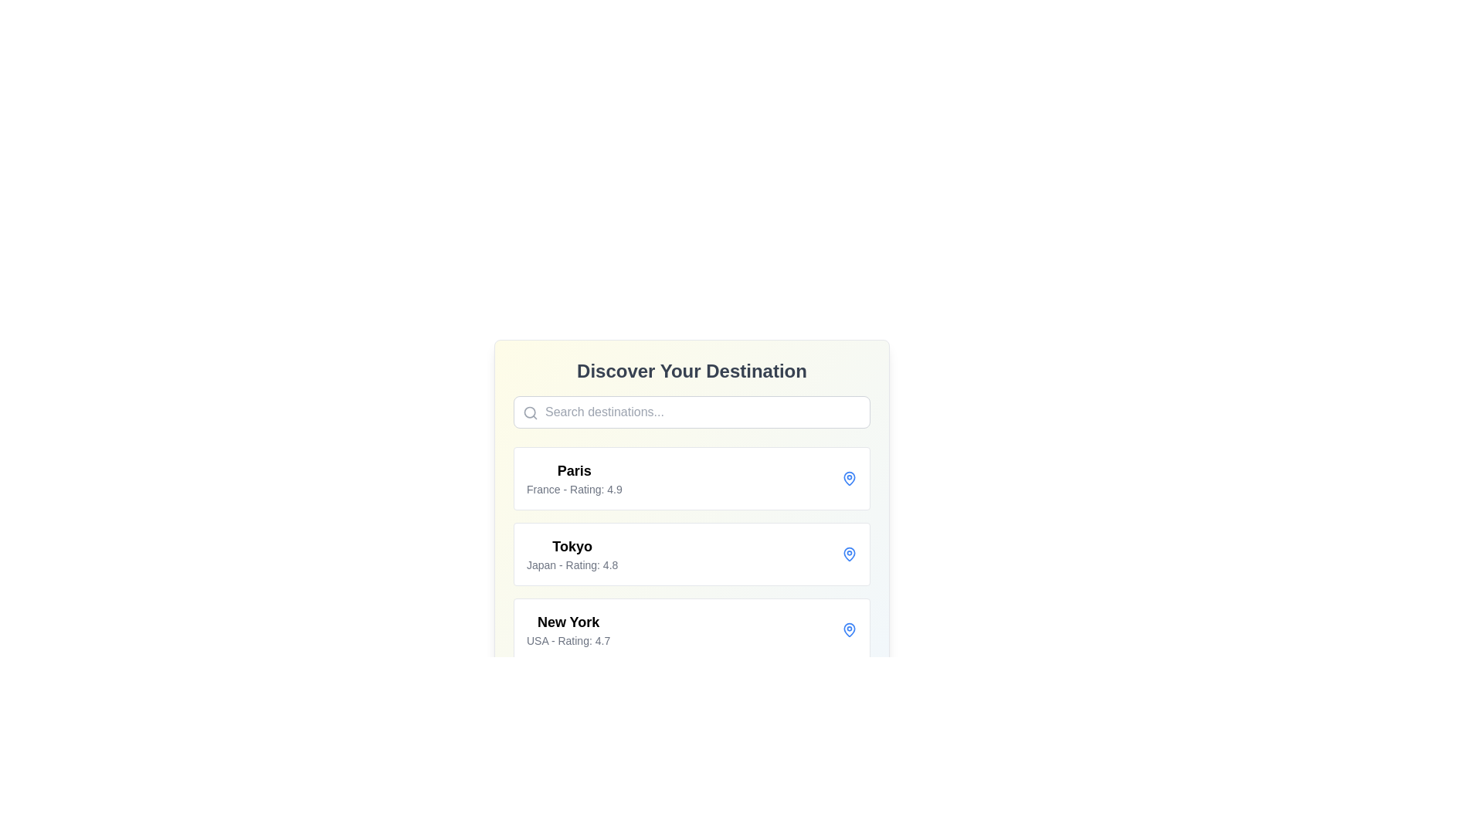 The image size is (1483, 834). What do you see at coordinates (573, 489) in the screenshot?
I see `text content of the information label indicating the country (France) and rating (4.9) located below 'Paris' in the topmost card under 'Discover Your Destination'` at bounding box center [573, 489].